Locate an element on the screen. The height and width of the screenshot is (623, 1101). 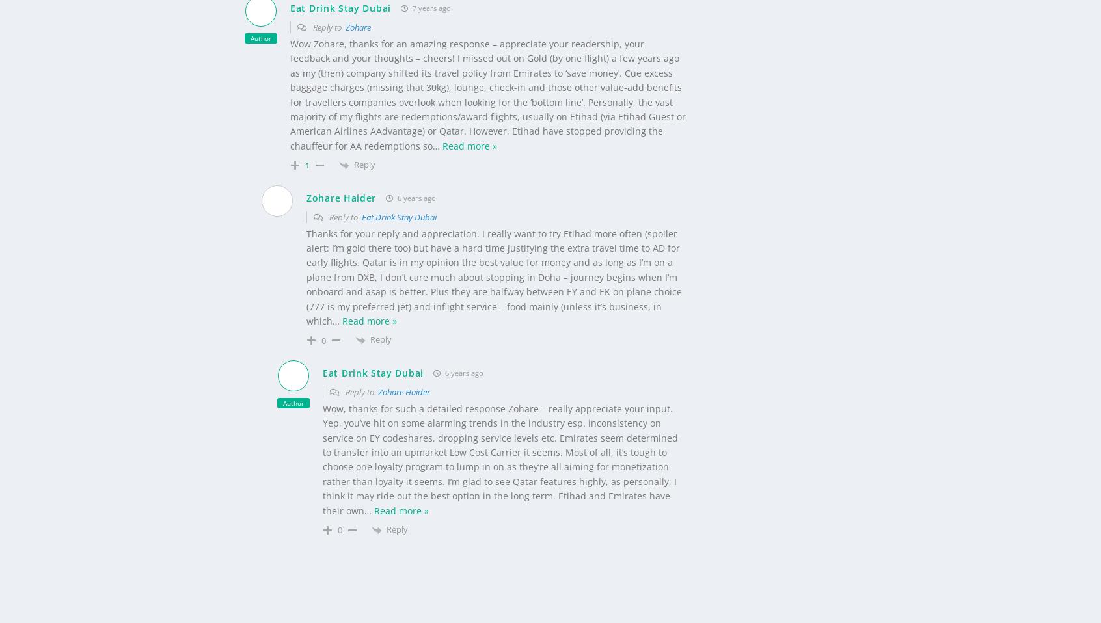
'Wow, thanks for such a detailed response Zohare – really appreciate your input. Yep, you’ve hit on some alarming trends in the industry esp. inconsistency on service on EY codeshares, dropping service levels etc. Emirates seem determined to transfer into an upmarket Low Cost Carrier it seems. Most of all, it’s tough to choose one loyalty program to lump in on as they’re all aiming for monetization rather than loyalty it seems. I’m glad to see Qatar features highly, as personally, I think it may ride out the best option in the long term. Etihad and Emirates have their own' is located at coordinates (500, 437).